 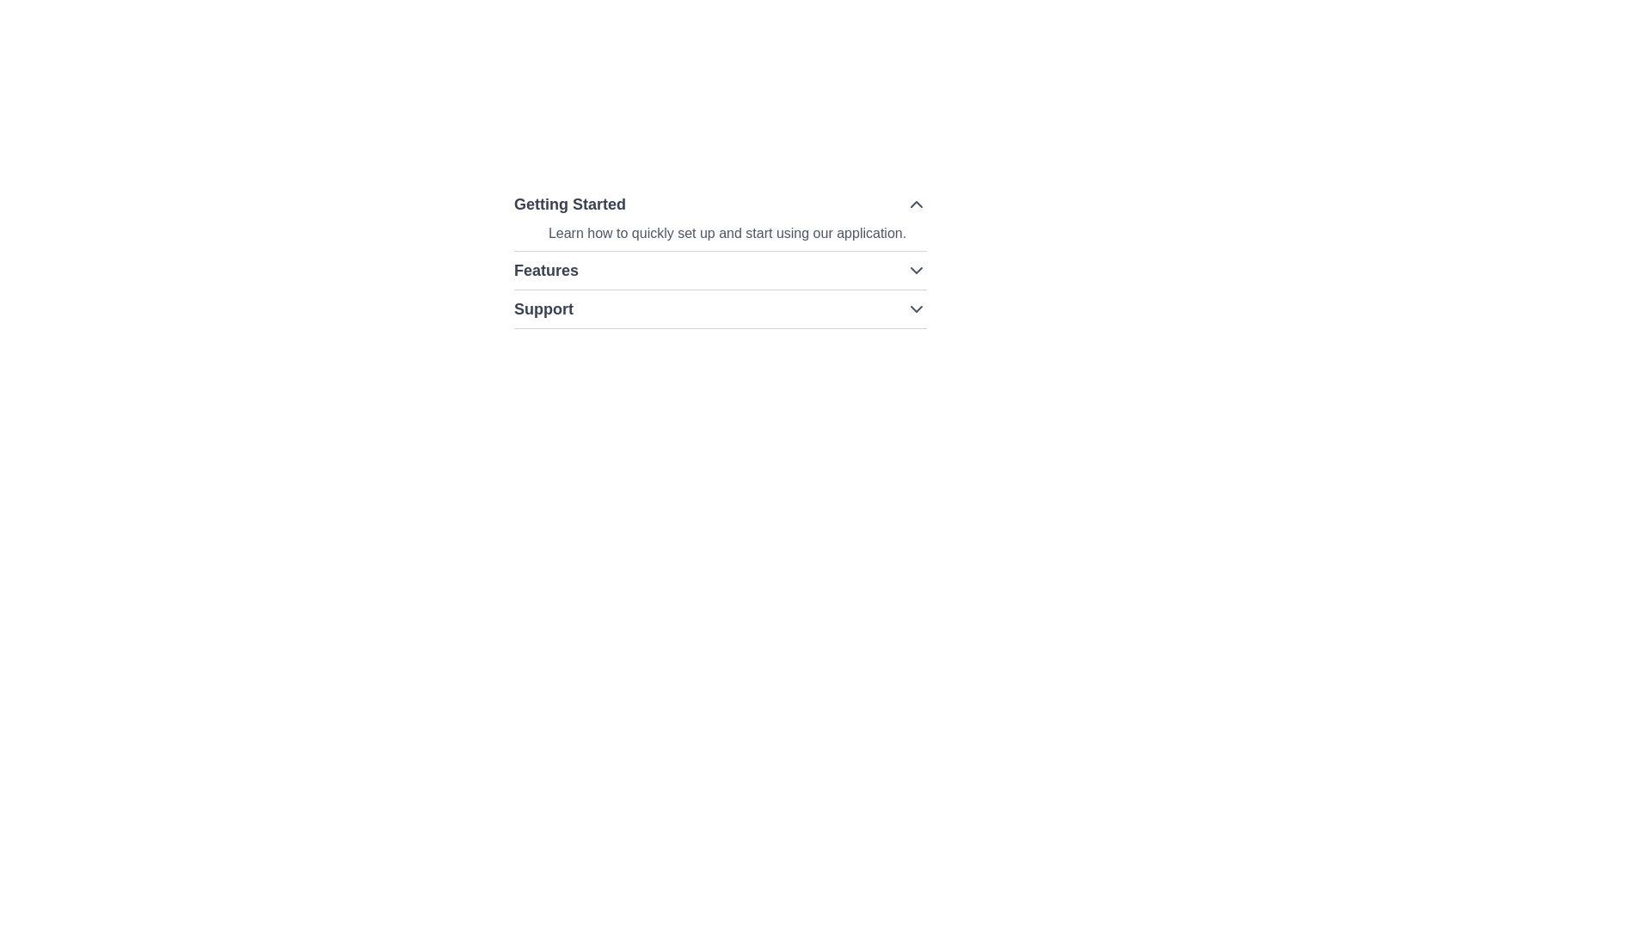 I want to click on the 'Support' text label, which is displayed in bold and large gray font, located in the third row of a navigation or settings panel, so click(x=543, y=308).